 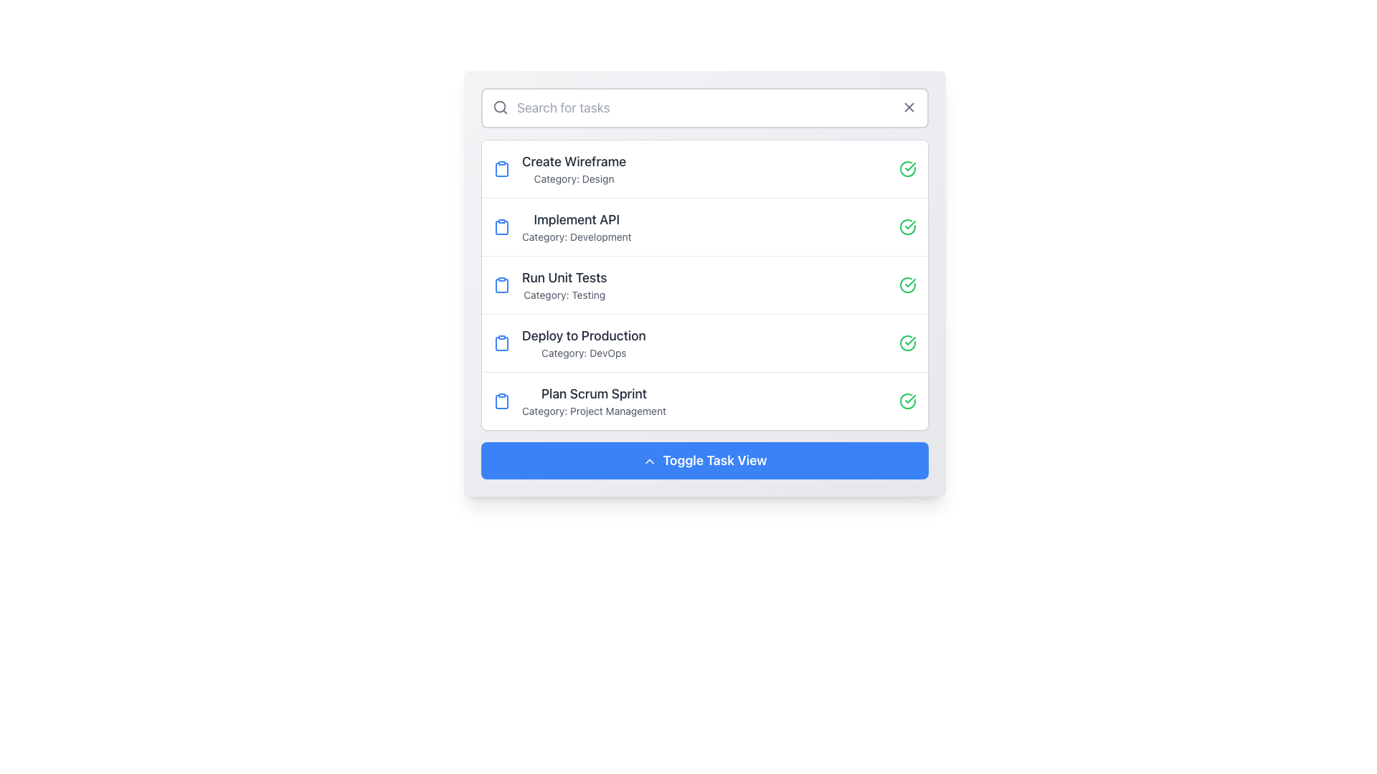 What do you see at coordinates (584, 343) in the screenshot?
I see `the 'Deploy to Production' task in the fourth row of the task list, which is categorized under 'DevOps'` at bounding box center [584, 343].